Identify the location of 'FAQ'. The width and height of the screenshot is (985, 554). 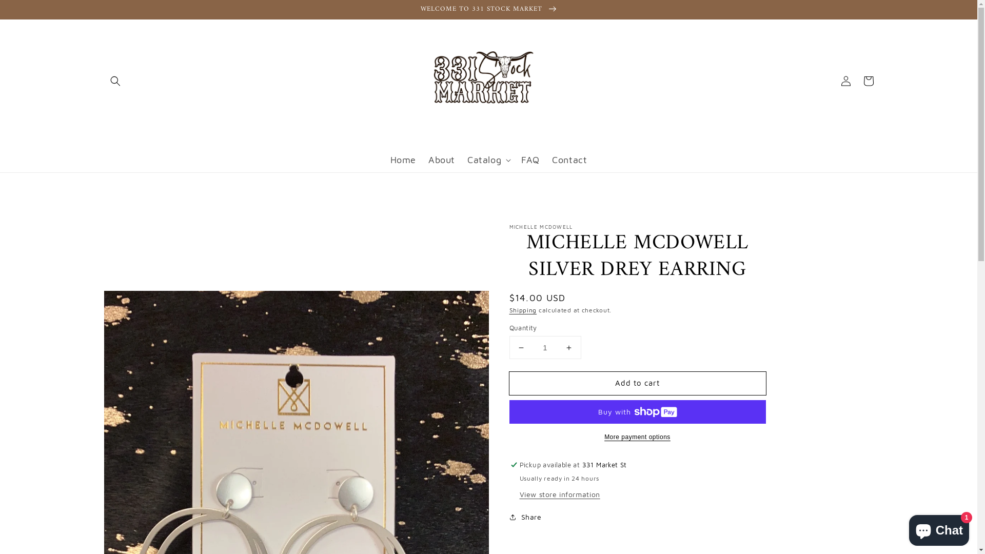
(530, 160).